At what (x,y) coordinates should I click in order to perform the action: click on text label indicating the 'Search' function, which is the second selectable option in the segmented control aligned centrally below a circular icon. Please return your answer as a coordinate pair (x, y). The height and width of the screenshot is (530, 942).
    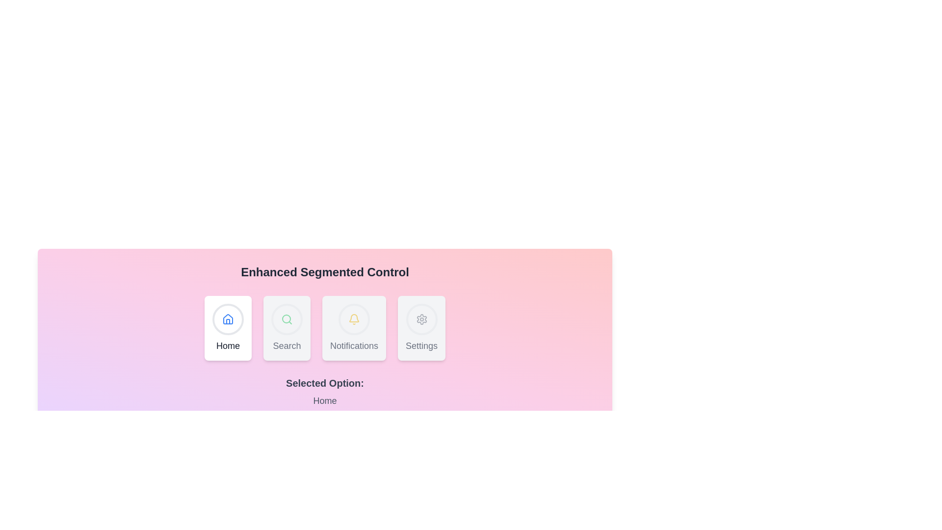
    Looking at the image, I should click on (287, 345).